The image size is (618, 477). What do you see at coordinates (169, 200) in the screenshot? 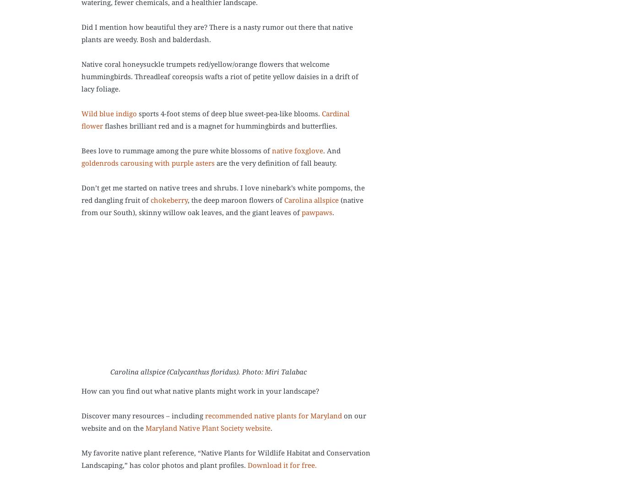
I see `'chokeberry'` at bounding box center [169, 200].